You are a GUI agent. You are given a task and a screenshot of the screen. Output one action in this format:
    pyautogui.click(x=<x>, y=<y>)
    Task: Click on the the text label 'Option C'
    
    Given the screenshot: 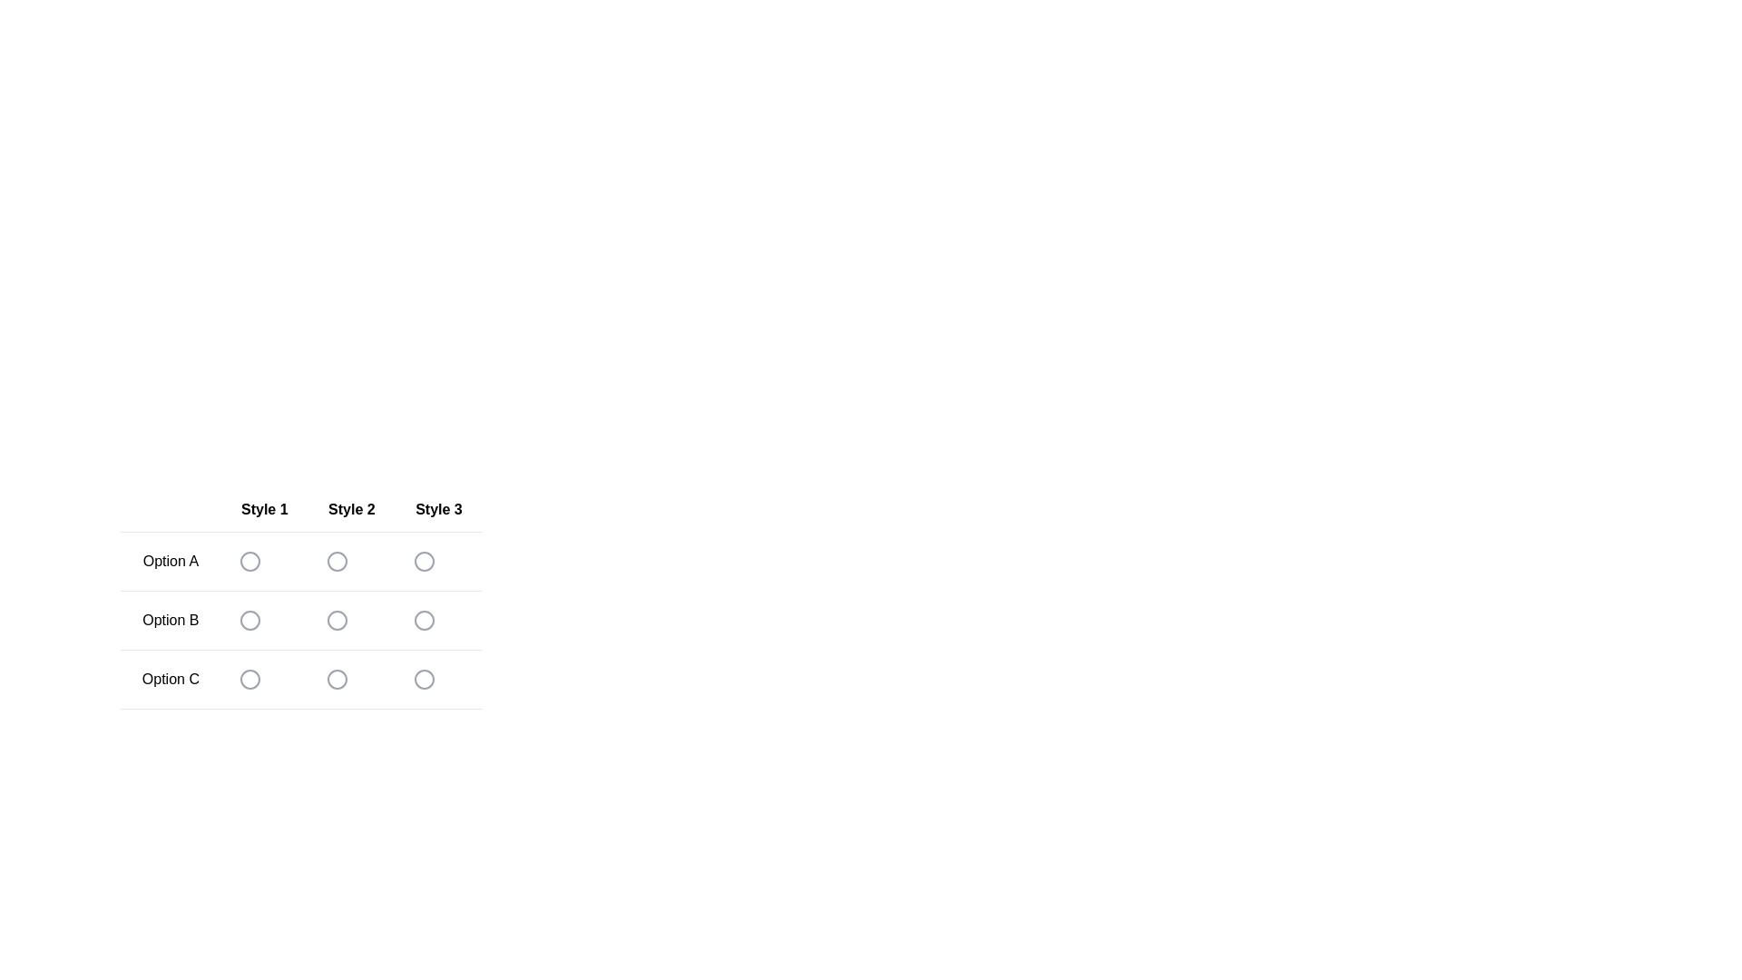 What is the action you would take?
    pyautogui.click(x=301, y=679)
    